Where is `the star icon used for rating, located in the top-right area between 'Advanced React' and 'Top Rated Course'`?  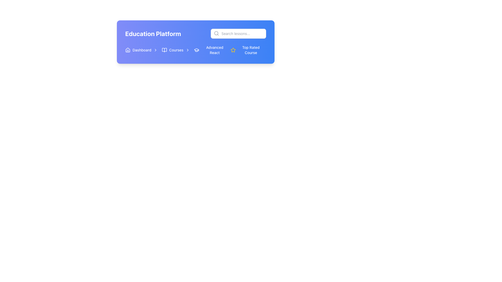 the star icon used for rating, located in the top-right area between 'Advanced React' and 'Top Rated Course' is located at coordinates (233, 50).